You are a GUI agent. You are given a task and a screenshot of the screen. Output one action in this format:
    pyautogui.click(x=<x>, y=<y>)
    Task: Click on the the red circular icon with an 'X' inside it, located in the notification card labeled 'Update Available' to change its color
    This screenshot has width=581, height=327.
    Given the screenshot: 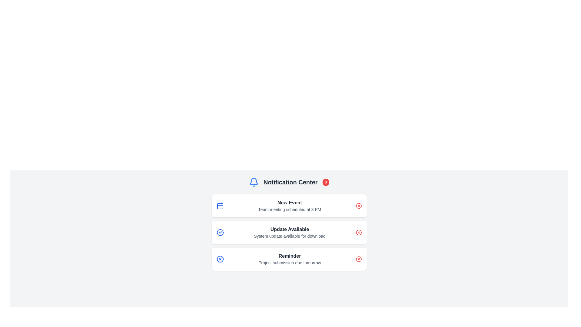 What is the action you would take?
    pyautogui.click(x=359, y=232)
    